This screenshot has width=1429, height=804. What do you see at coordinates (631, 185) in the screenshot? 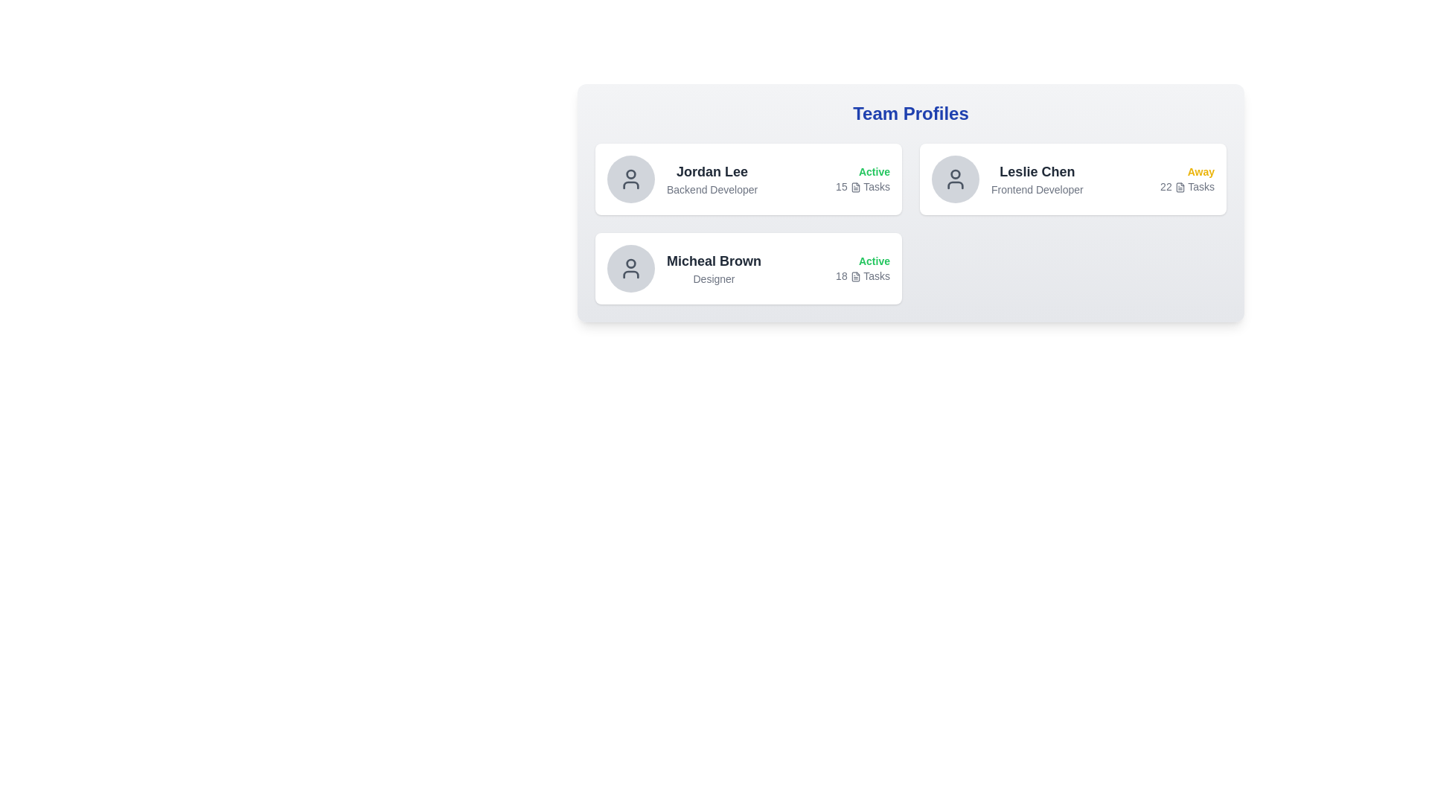
I see `the bottom half of the generic user icon representing the body portion of the 'Jordan Lee' profile card in the 'Team Profiles' interface` at bounding box center [631, 185].